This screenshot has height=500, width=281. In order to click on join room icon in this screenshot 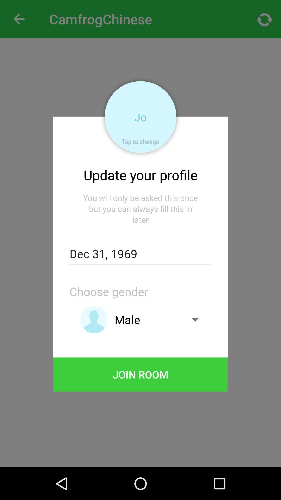, I will do `click(140, 374)`.